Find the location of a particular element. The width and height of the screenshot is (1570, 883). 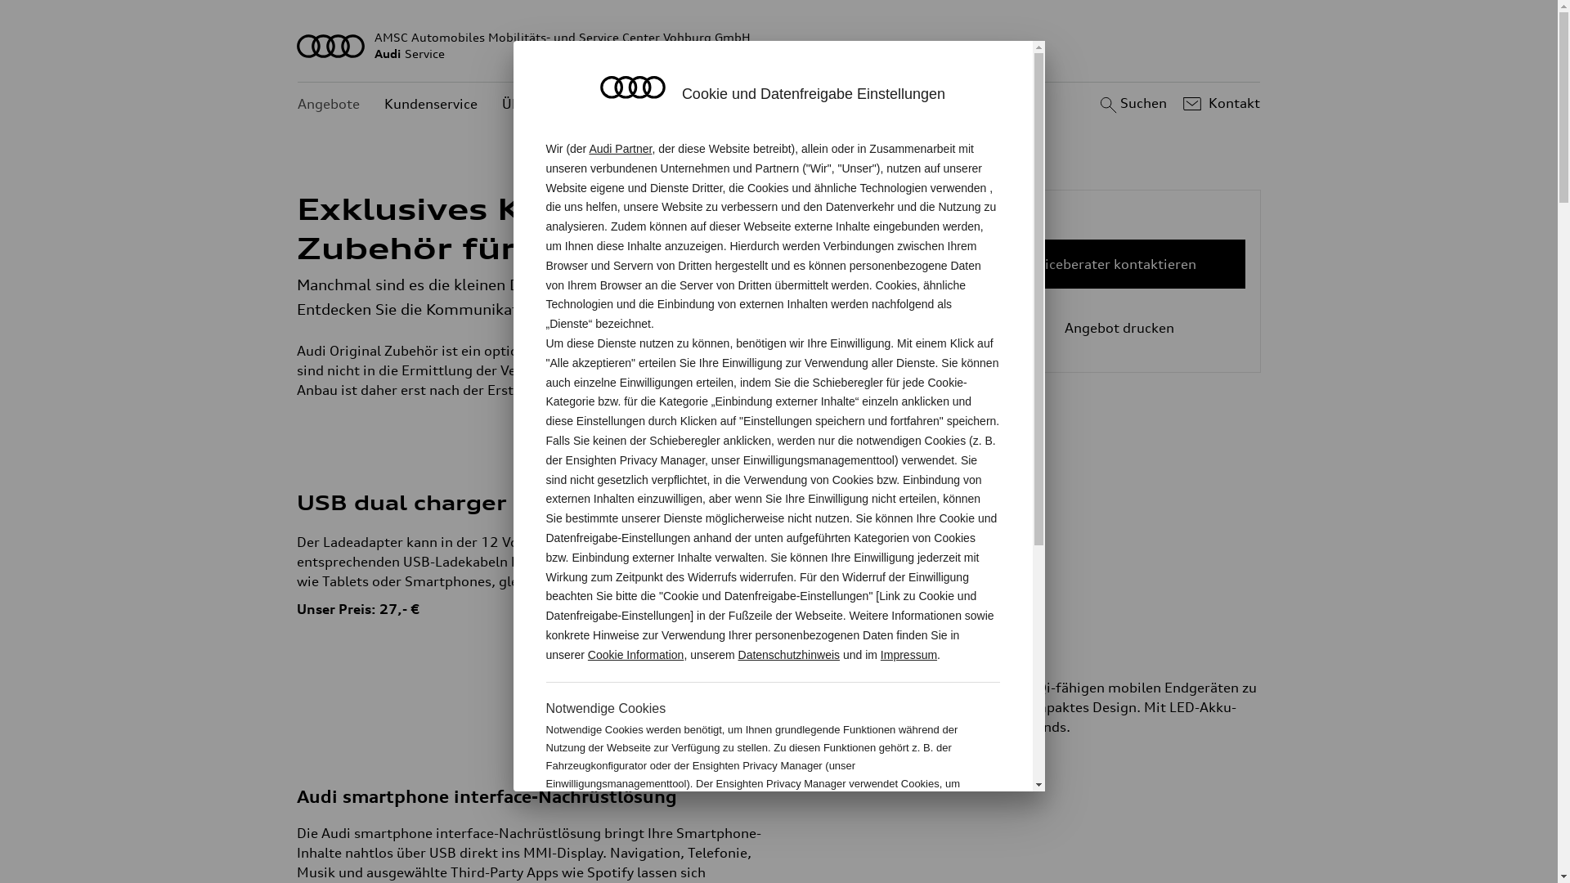

'Datenschutzhinweis' is located at coordinates (789, 654).